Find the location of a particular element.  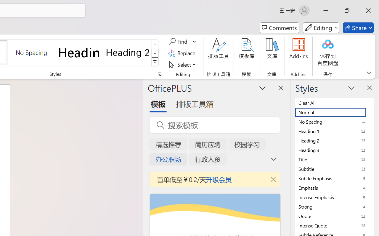

'Title' is located at coordinates (335, 159).